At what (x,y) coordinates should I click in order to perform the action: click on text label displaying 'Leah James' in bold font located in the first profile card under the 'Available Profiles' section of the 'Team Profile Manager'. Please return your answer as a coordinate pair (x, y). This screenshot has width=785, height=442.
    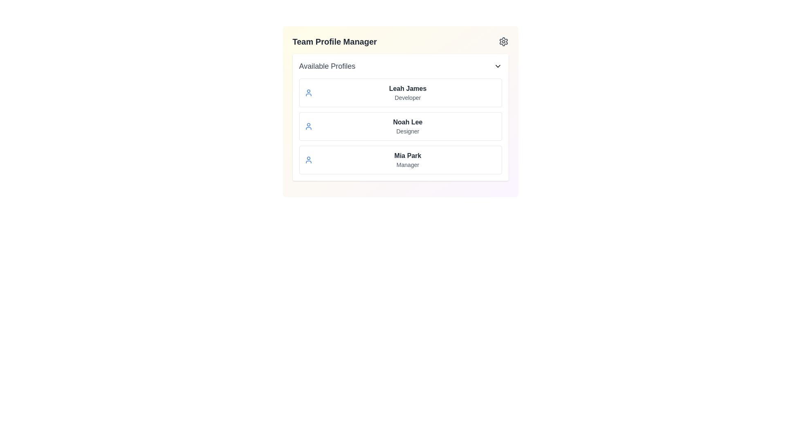
    Looking at the image, I should click on (408, 88).